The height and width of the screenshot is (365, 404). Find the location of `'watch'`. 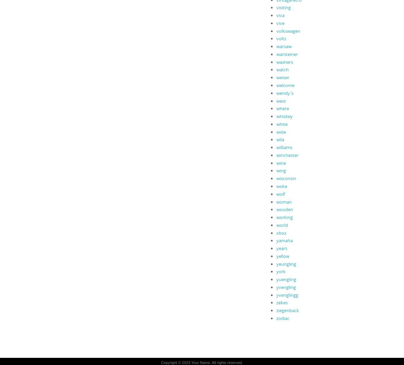

'watch' is located at coordinates (282, 69).